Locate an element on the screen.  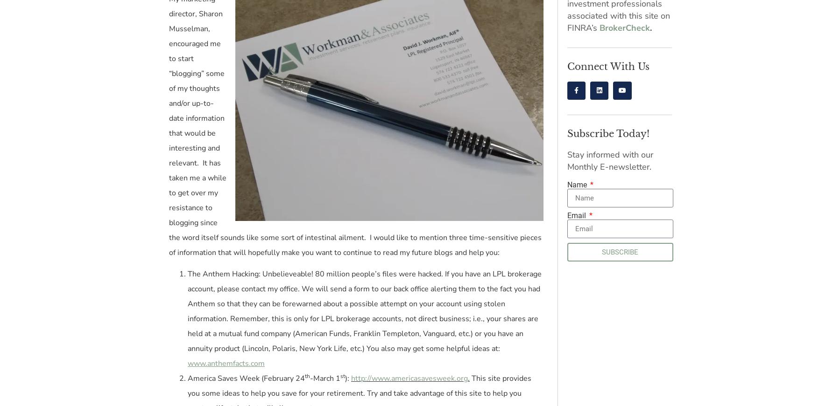
'America Saves Week (February 24' is located at coordinates (246, 378).